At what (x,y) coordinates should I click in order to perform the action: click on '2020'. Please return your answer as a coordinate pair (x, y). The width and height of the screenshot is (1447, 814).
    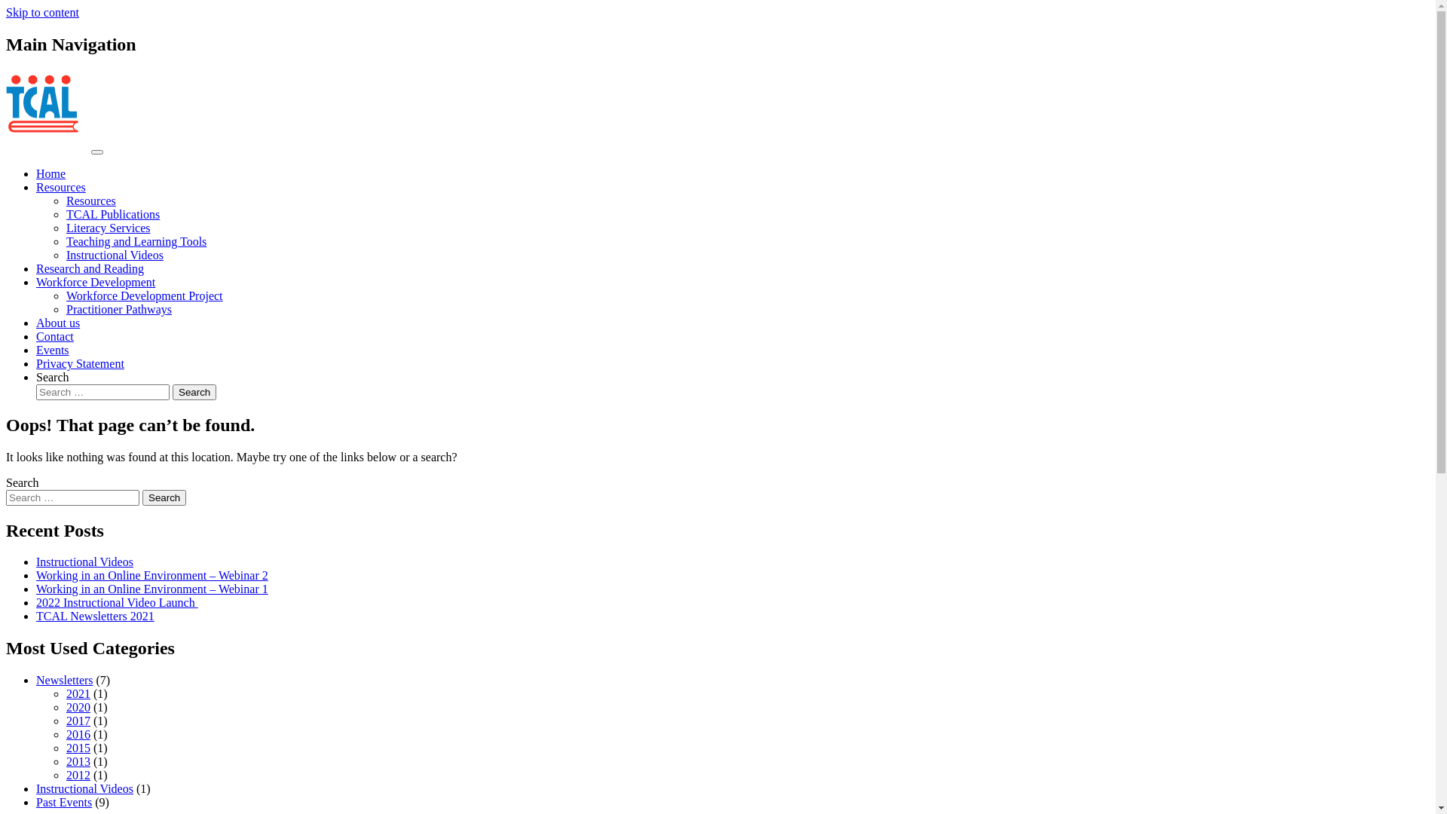
    Looking at the image, I should click on (78, 707).